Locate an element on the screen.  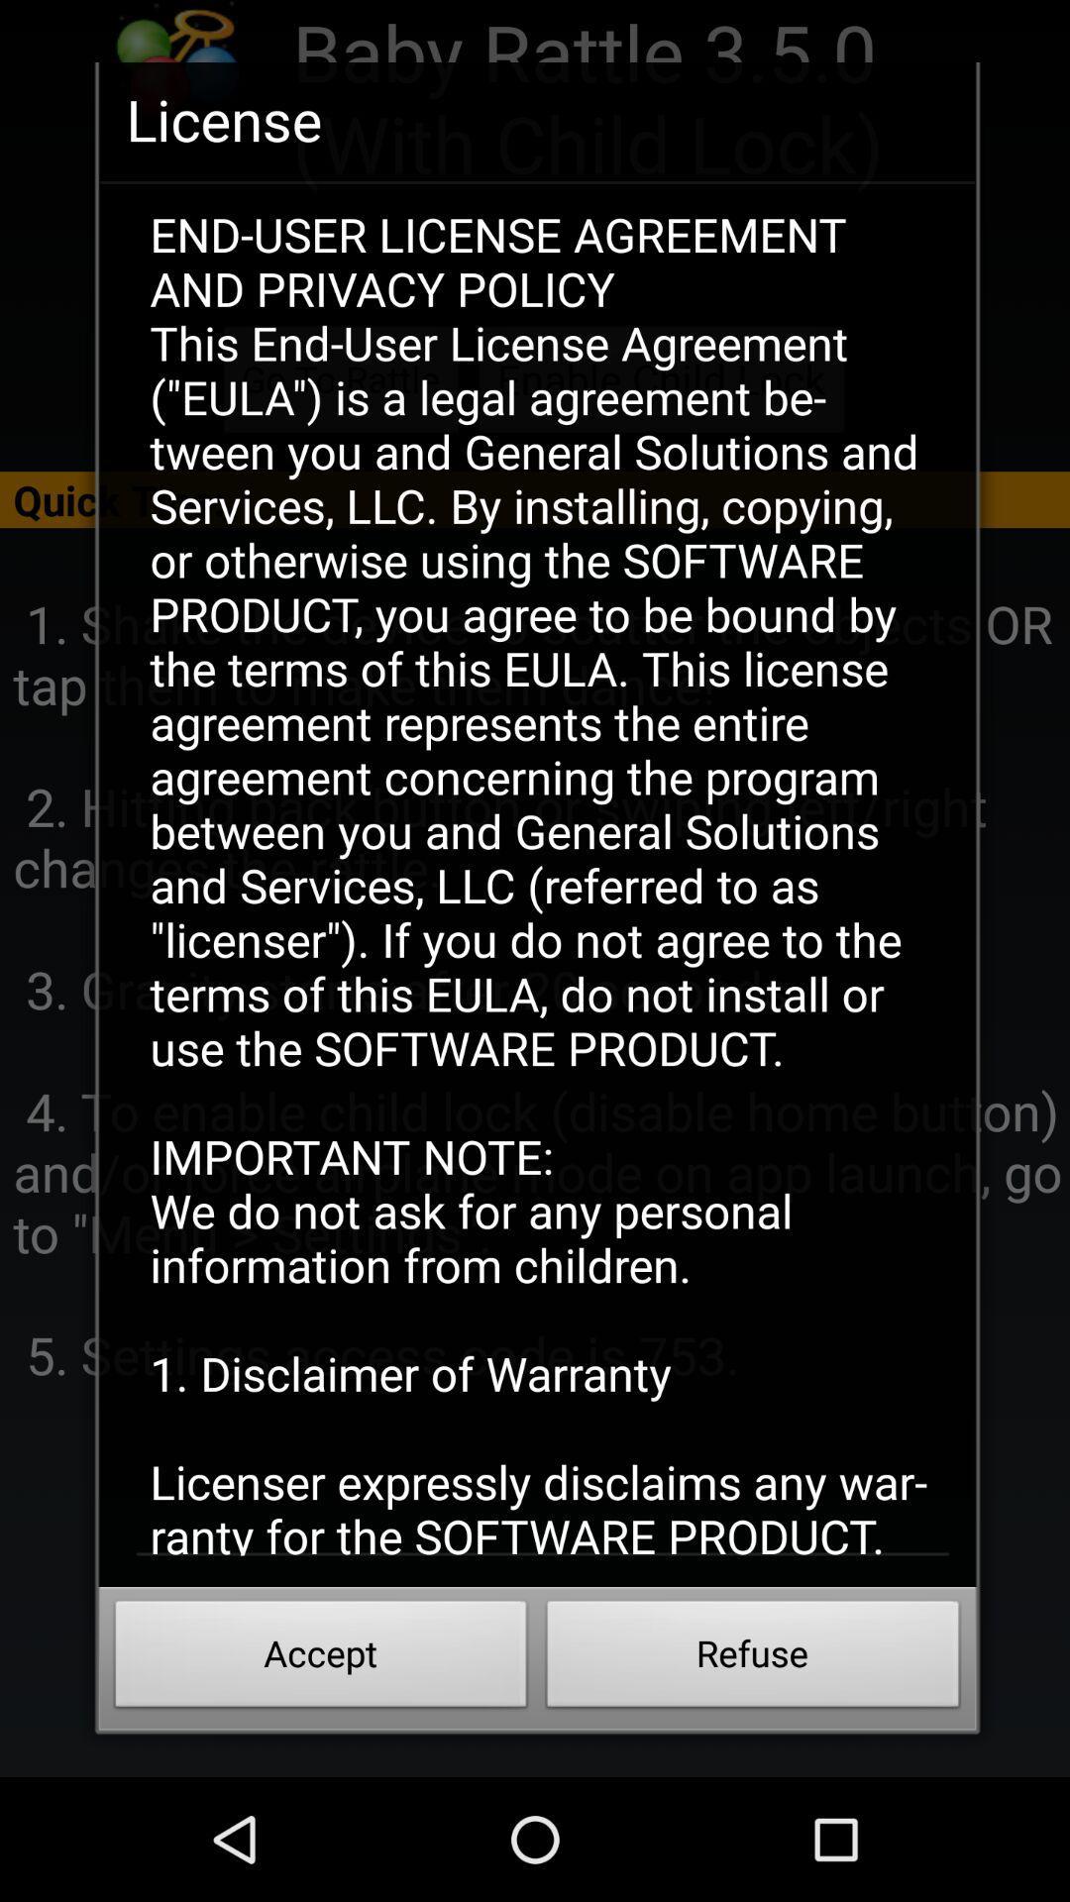
the accept item is located at coordinates (320, 1659).